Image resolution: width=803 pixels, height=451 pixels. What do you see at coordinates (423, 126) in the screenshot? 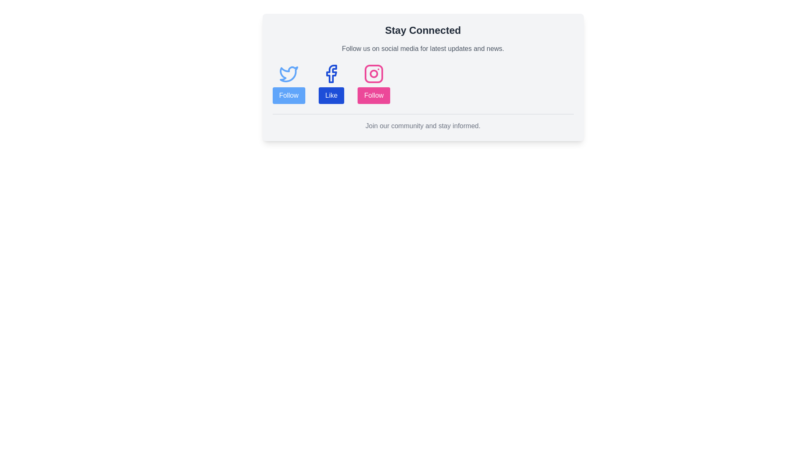
I see `the informational text encouraging users to become part of a community, located at the bottom of the 'Stay Connected' section, directly underneath the horizontal line separating it from the social media buttons` at bounding box center [423, 126].